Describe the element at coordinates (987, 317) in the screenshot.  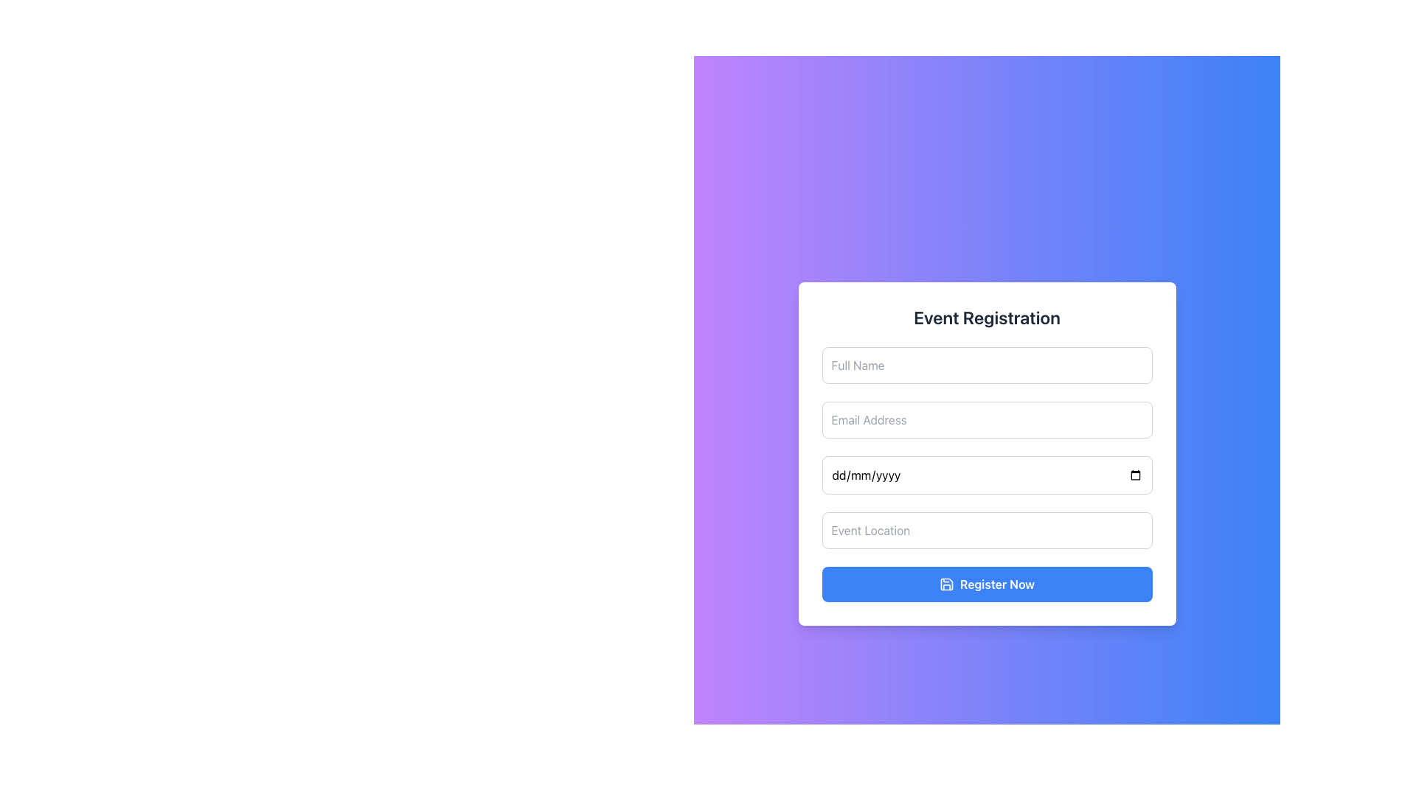
I see `the bold header text 'Event Registration' which is centrally aligned at the top of a white rectangular box containing a registration form` at that location.